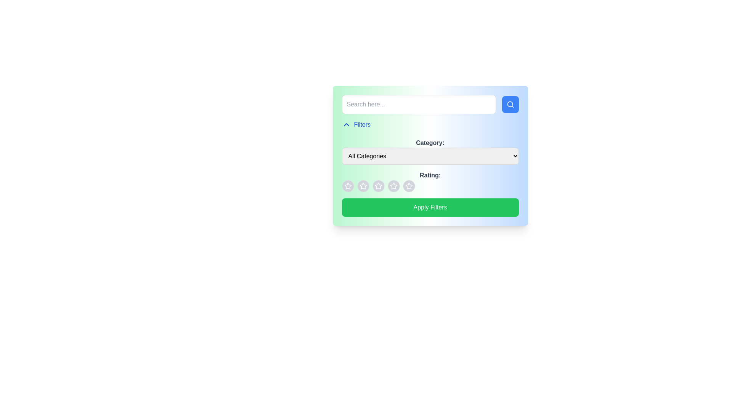 Image resolution: width=732 pixels, height=412 pixels. What do you see at coordinates (362, 185) in the screenshot?
I see `the first star icon in the rating system` at bounding box center [362, 185].